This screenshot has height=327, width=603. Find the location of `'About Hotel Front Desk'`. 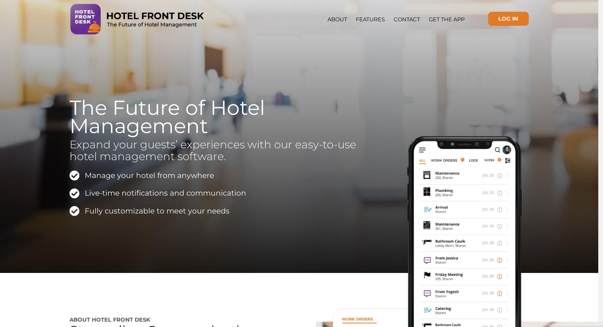

'About Hotel Front Desk' is located at coordinates (69, 319).